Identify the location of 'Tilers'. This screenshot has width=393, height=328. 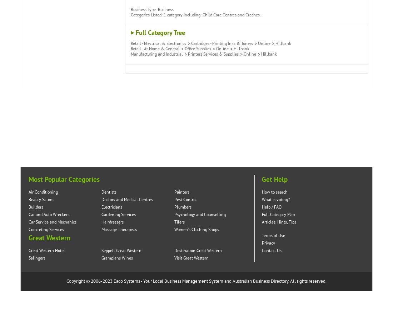
(179, 222).